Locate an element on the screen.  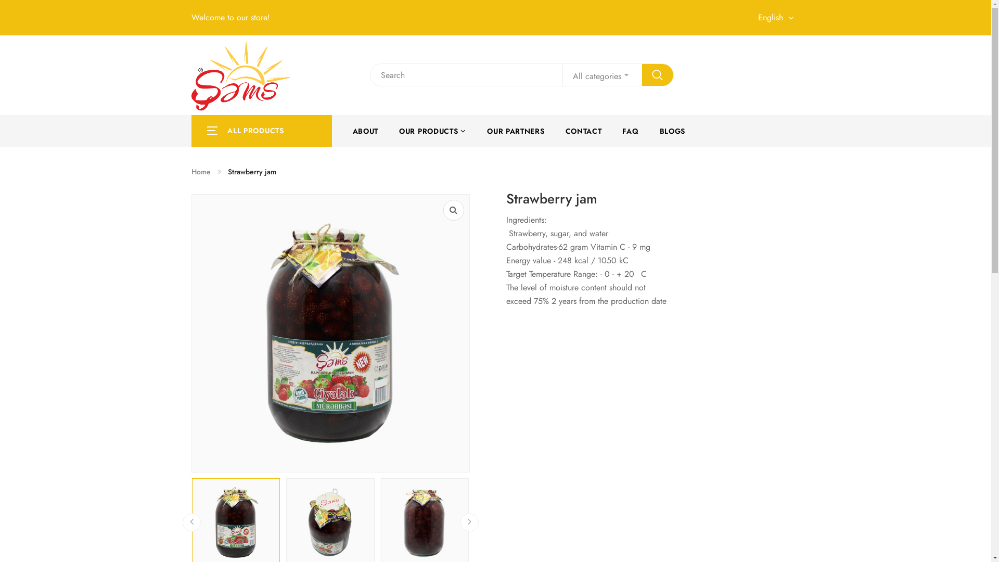
'ABOUT' is located at coordinates (365, 130).